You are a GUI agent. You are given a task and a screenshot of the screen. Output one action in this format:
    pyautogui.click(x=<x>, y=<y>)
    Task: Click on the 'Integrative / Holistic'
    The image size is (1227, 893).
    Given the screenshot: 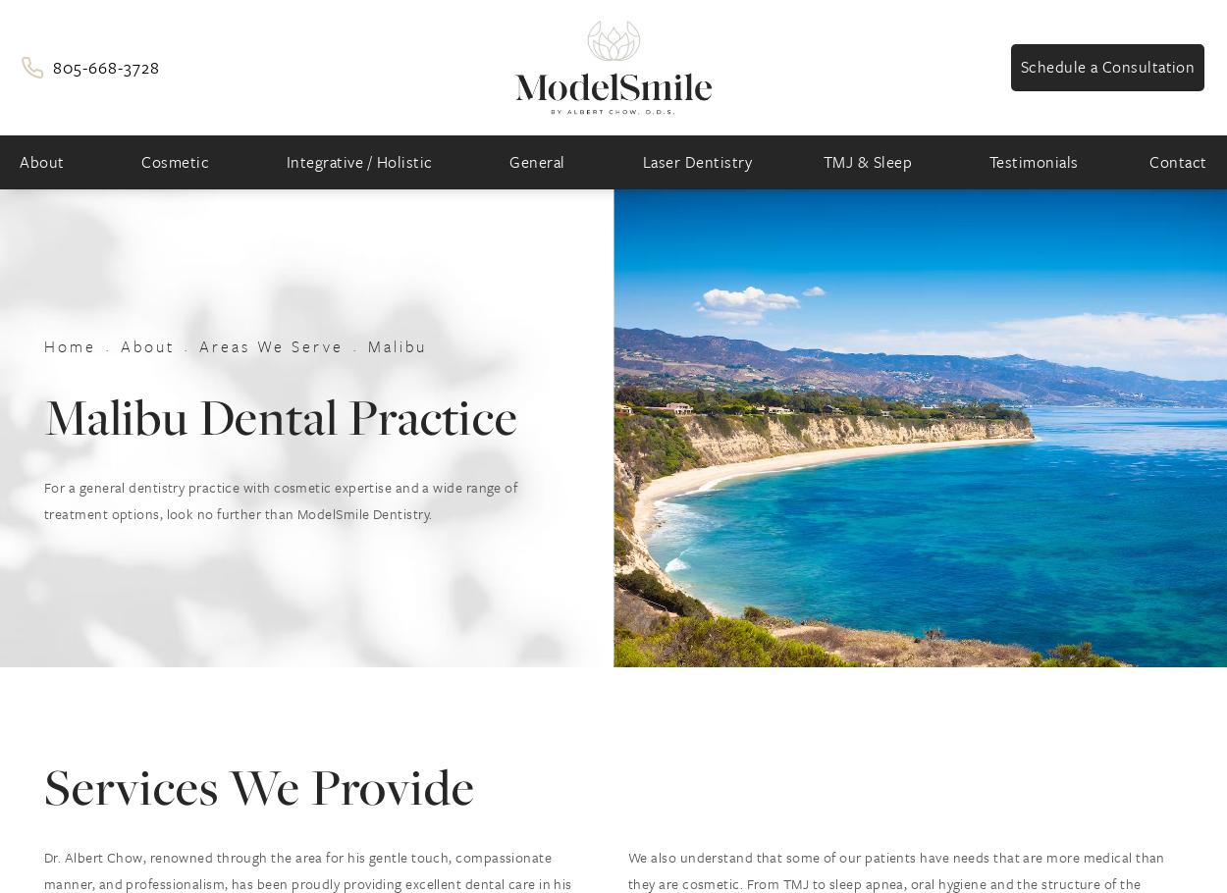 What is the action you would take?
    pyautogui.click(x=357, y=161)
    